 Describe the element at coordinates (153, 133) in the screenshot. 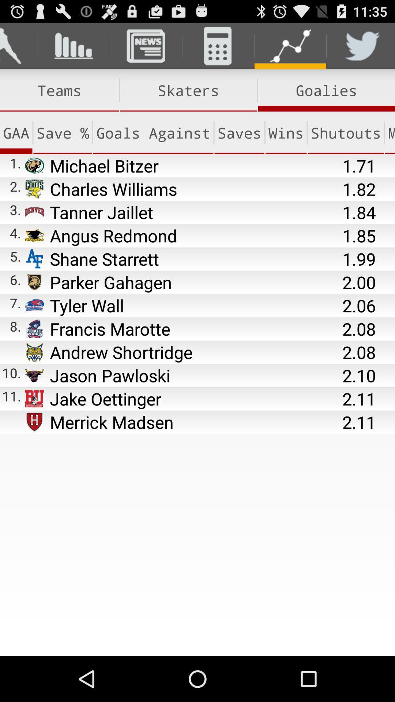

I see `item below the teams icon` at that location.